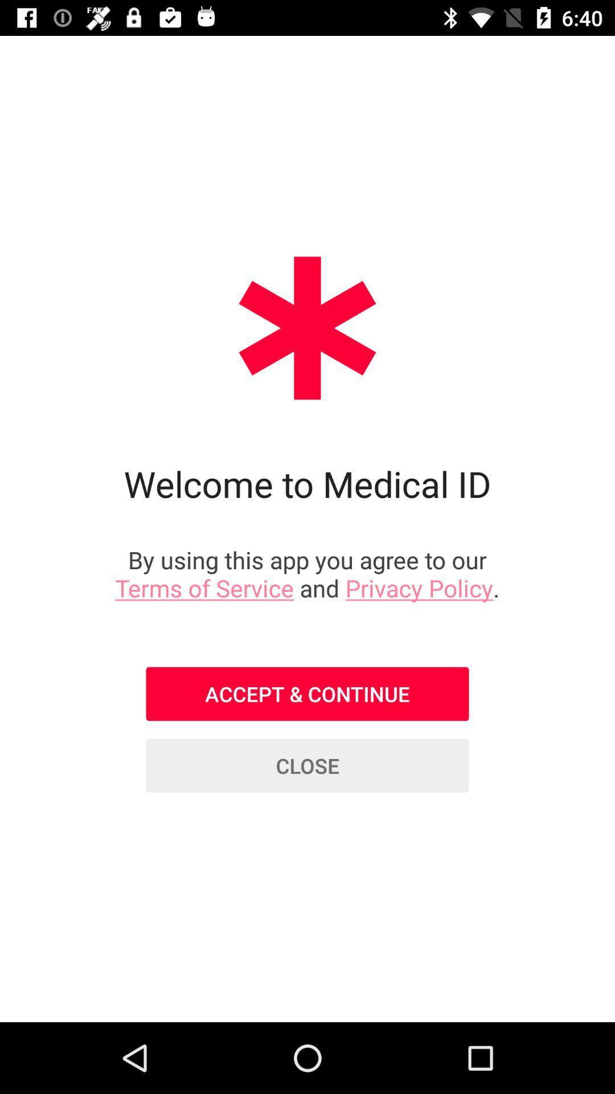 Image resolution: width=615 pixels, height=1094 pixels. What do you see at coordinates (307, 766) in the screenshot?
I see `close` at bounding box center [307, 766].